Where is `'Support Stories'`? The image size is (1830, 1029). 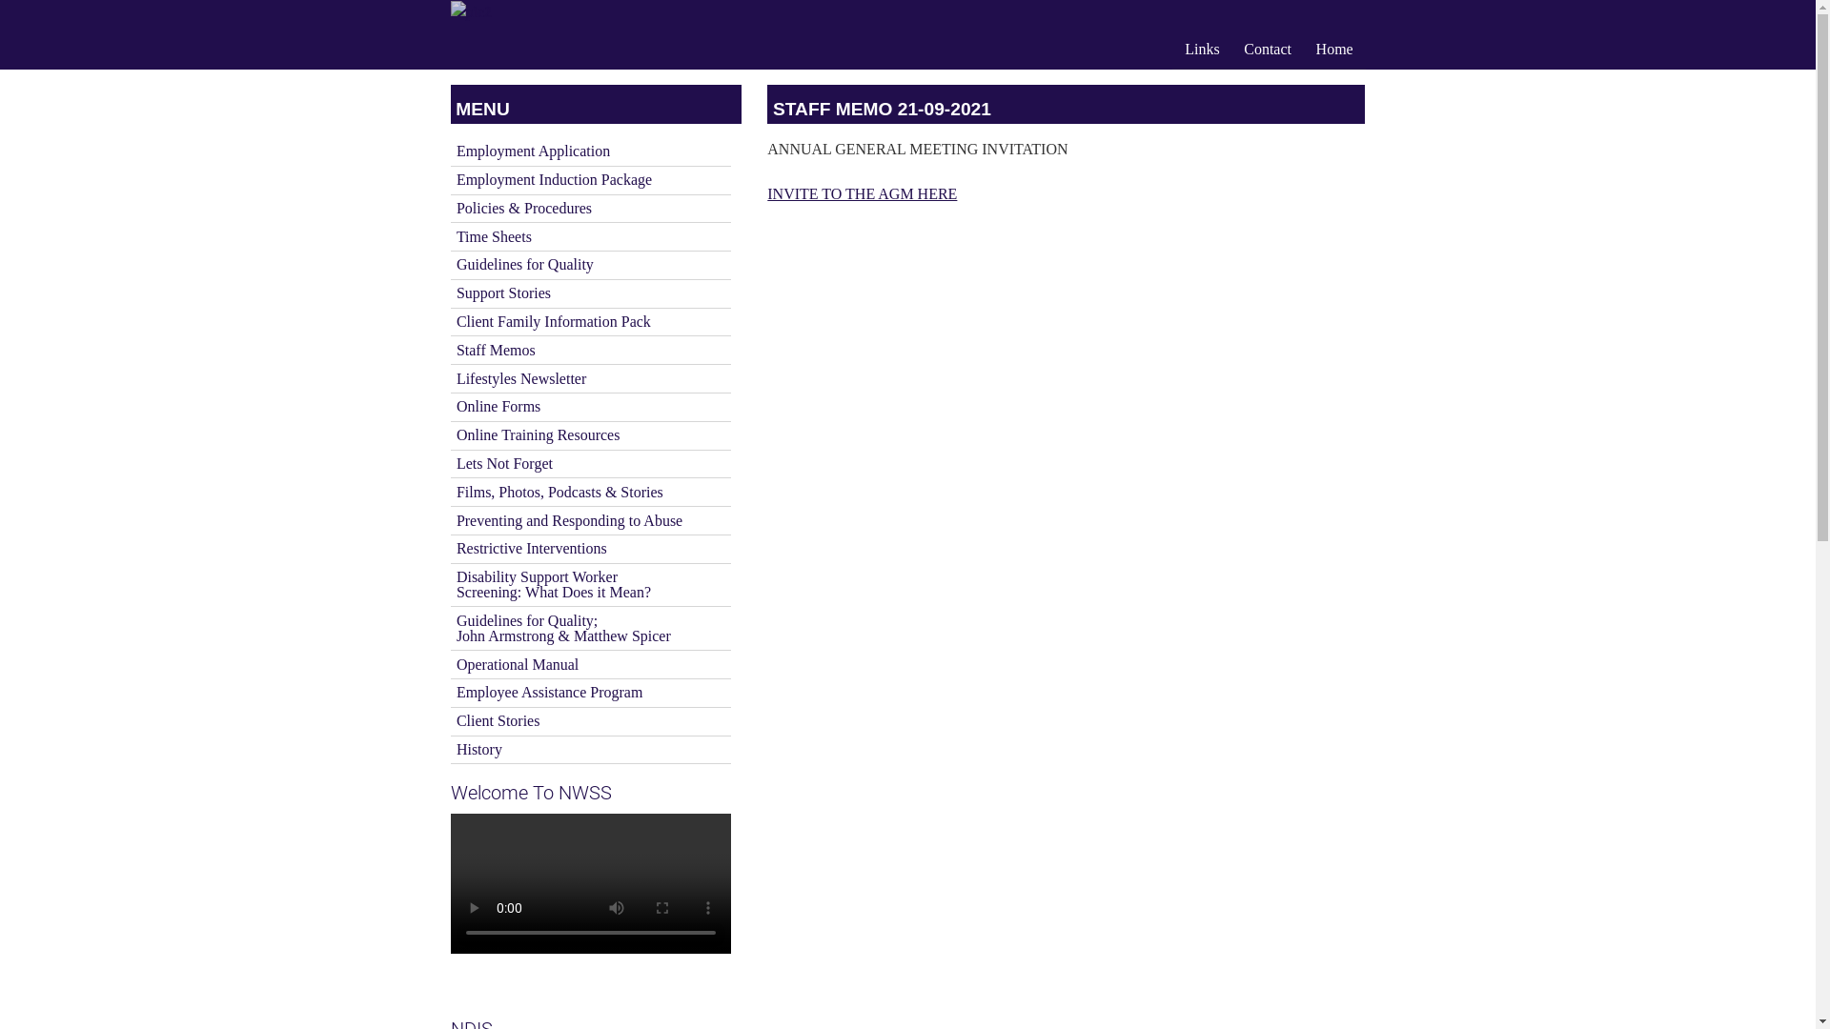
'Support Stories' is located at coordinates (589, 293).